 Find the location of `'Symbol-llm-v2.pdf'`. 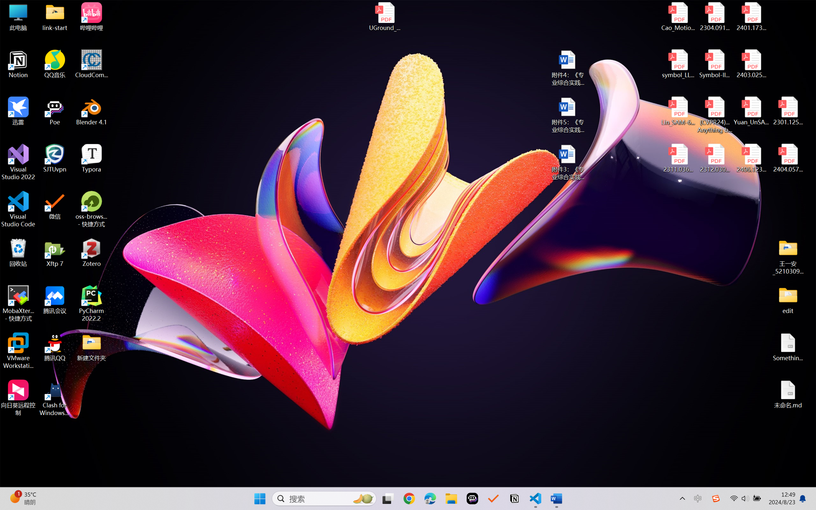

'Symbol-llm-v2.pdf' is located at coordinates (714, 64).